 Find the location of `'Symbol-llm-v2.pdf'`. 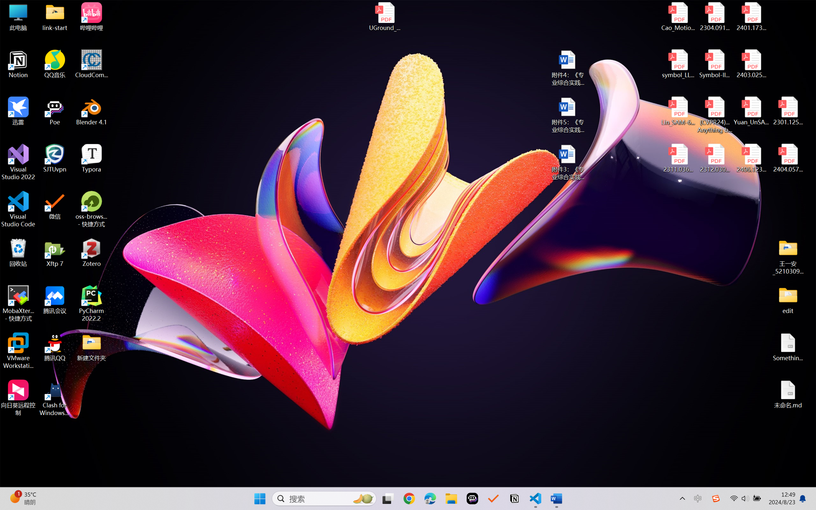

'Symbol-llm-v2.pdf' is located at coordinates (714, 64).